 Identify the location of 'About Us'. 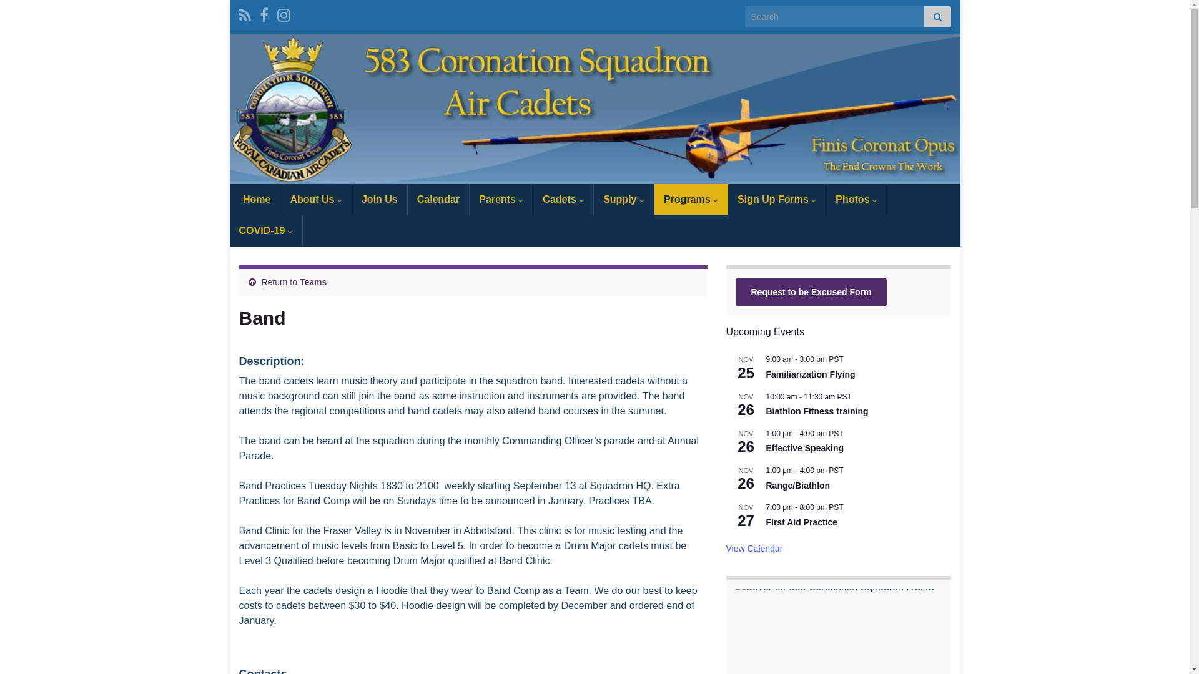
(315, 199).